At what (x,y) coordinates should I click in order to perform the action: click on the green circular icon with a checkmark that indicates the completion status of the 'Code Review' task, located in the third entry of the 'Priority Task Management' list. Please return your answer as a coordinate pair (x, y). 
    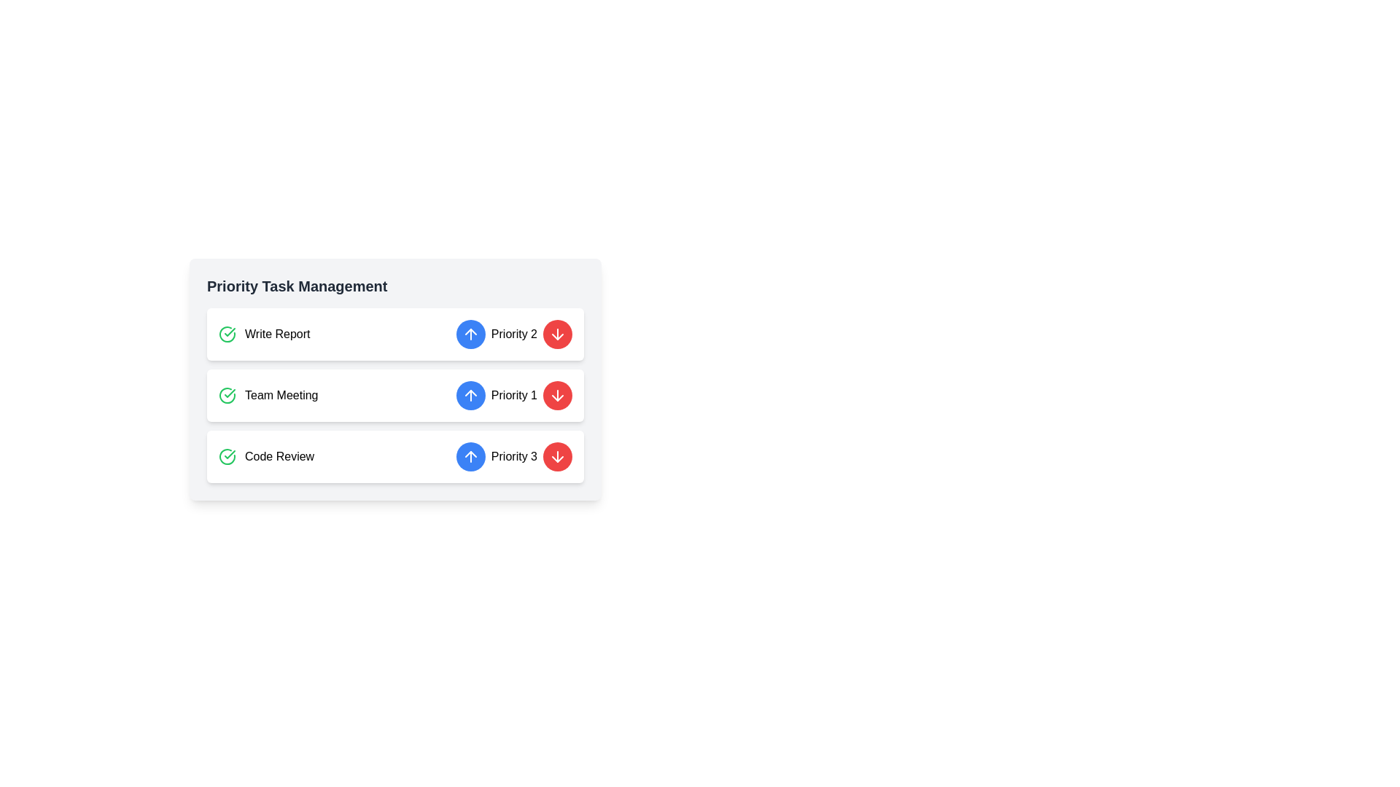
    Looking at the image, I should click on (227, 456).